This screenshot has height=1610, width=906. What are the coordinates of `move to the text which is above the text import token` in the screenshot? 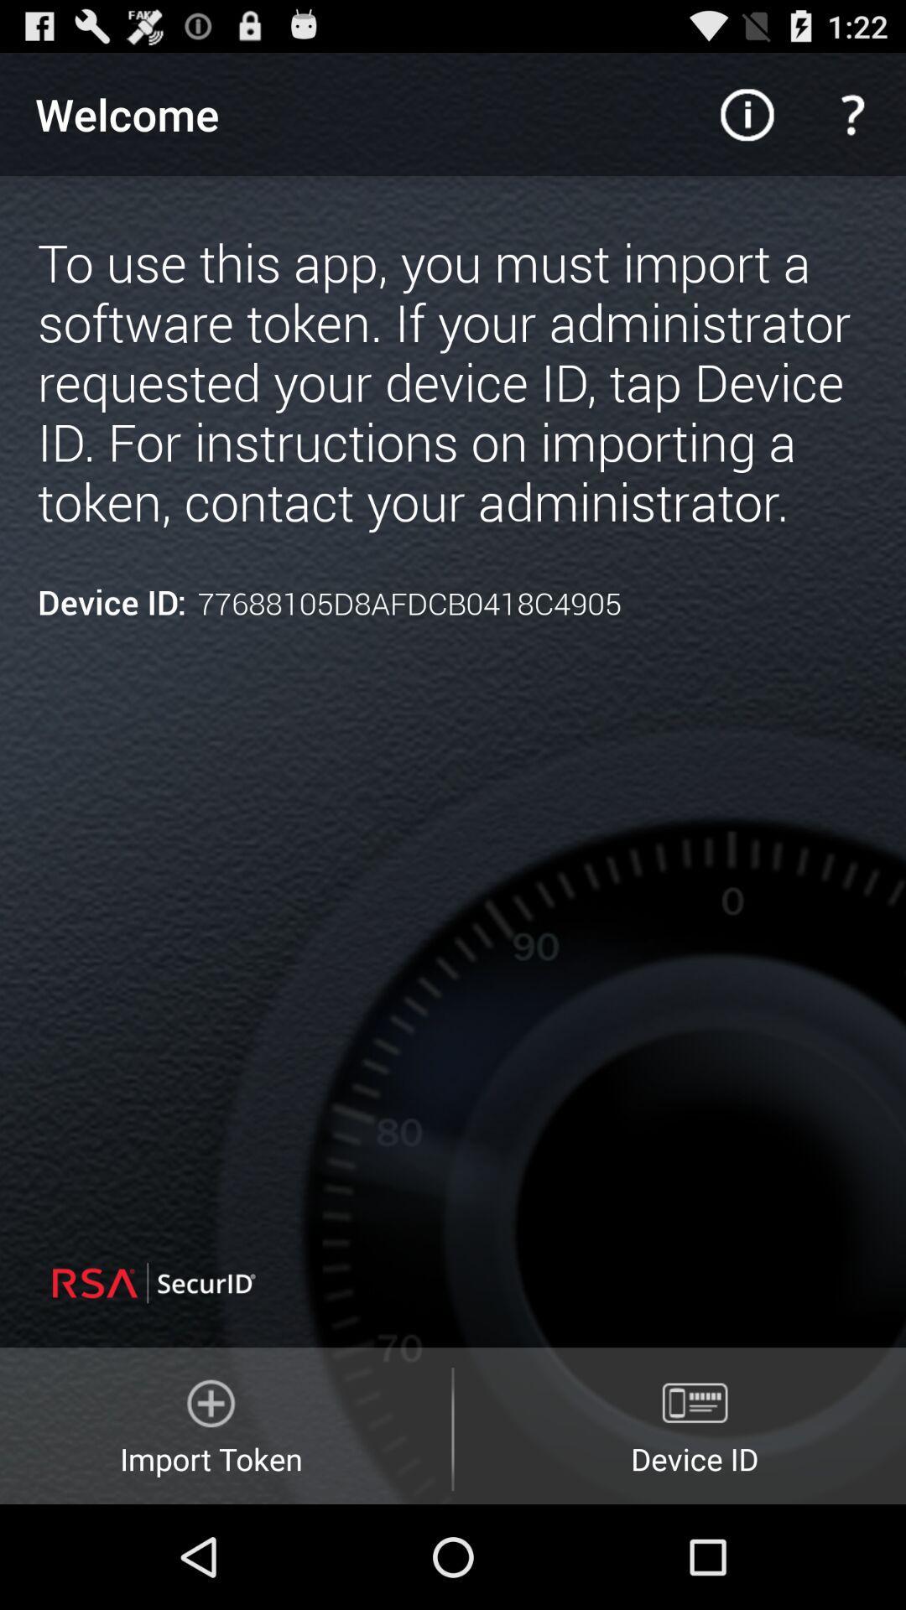 It's located at (204, 1283).